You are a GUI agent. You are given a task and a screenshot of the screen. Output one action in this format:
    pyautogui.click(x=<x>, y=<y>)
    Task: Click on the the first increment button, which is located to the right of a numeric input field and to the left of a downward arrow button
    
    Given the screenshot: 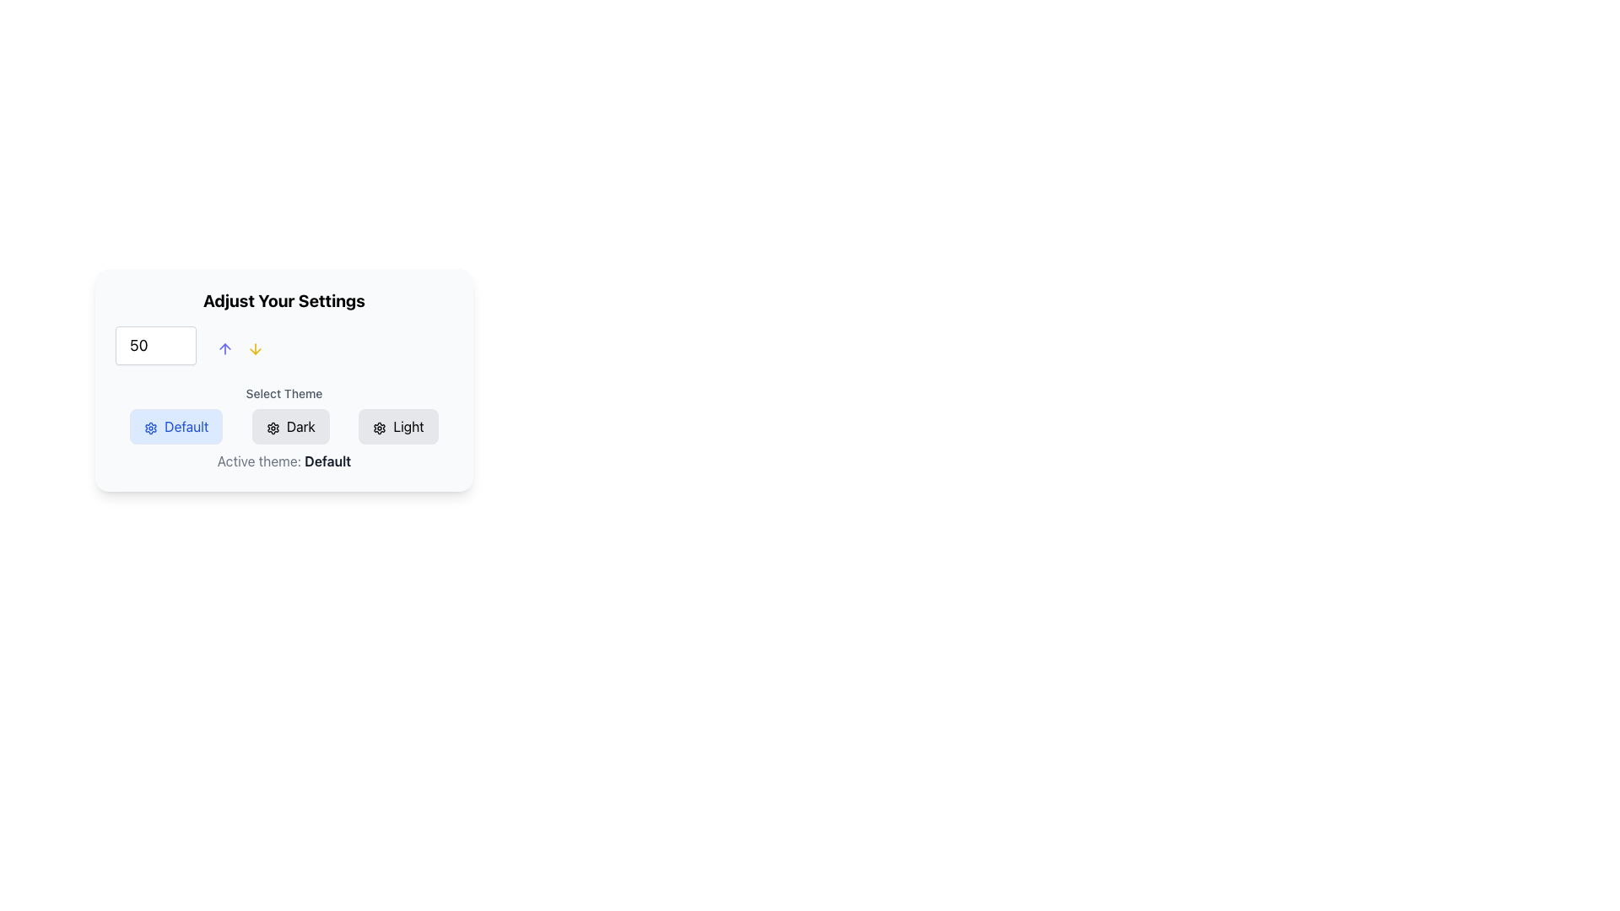 What is the action you would take?
    pyautogui.click(x=224, y=348)
    